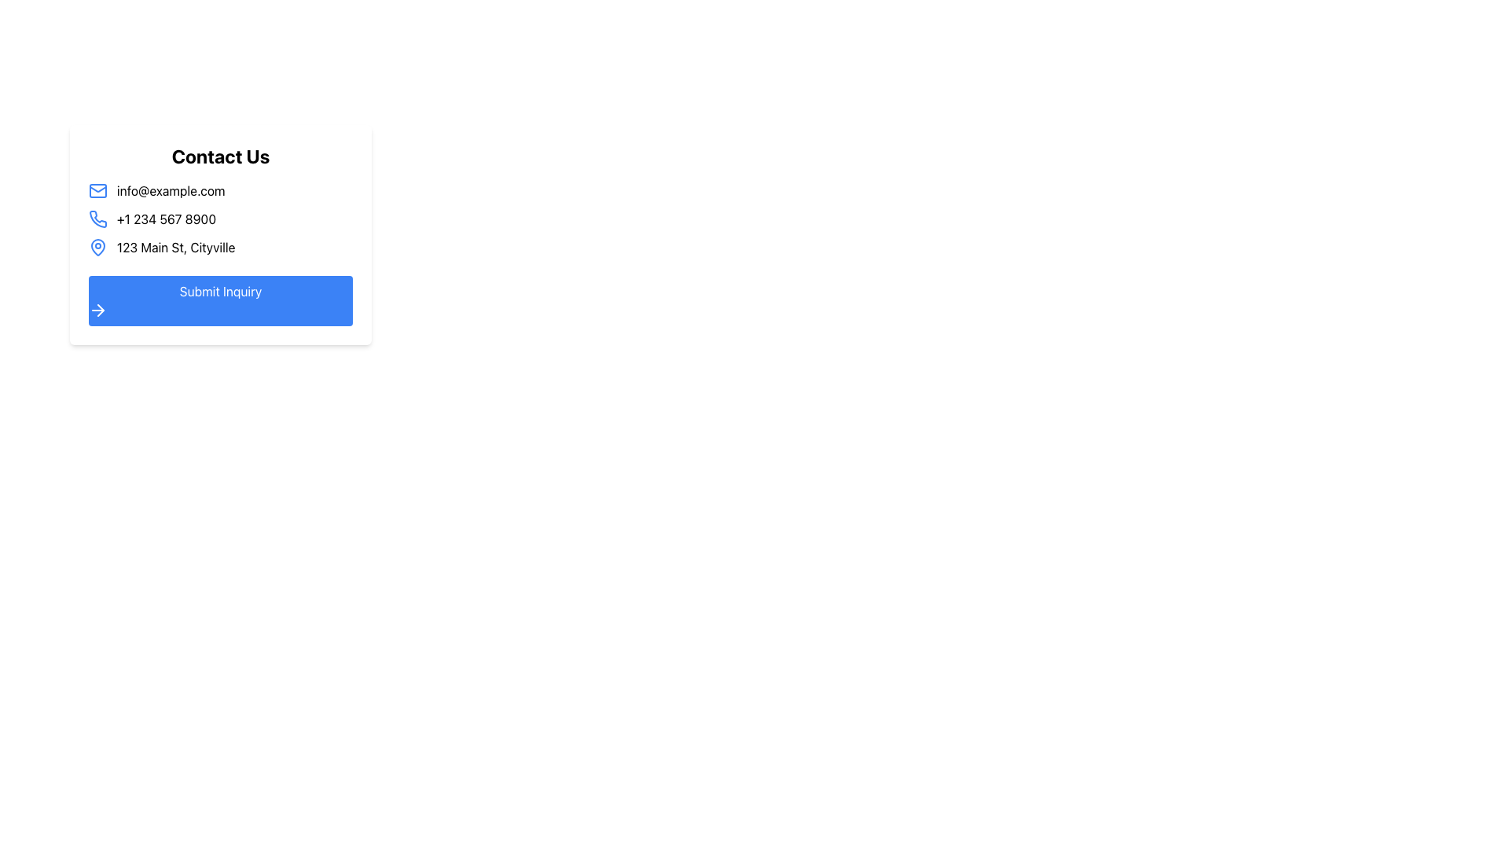  What do you see at coordinates (97, 310) in the screenshot?
I see `the 'Submit Inquiry' button which contains a left-aligned right-pointing arrow icon to observe interactivity effects` at bounding box center [97, 310].